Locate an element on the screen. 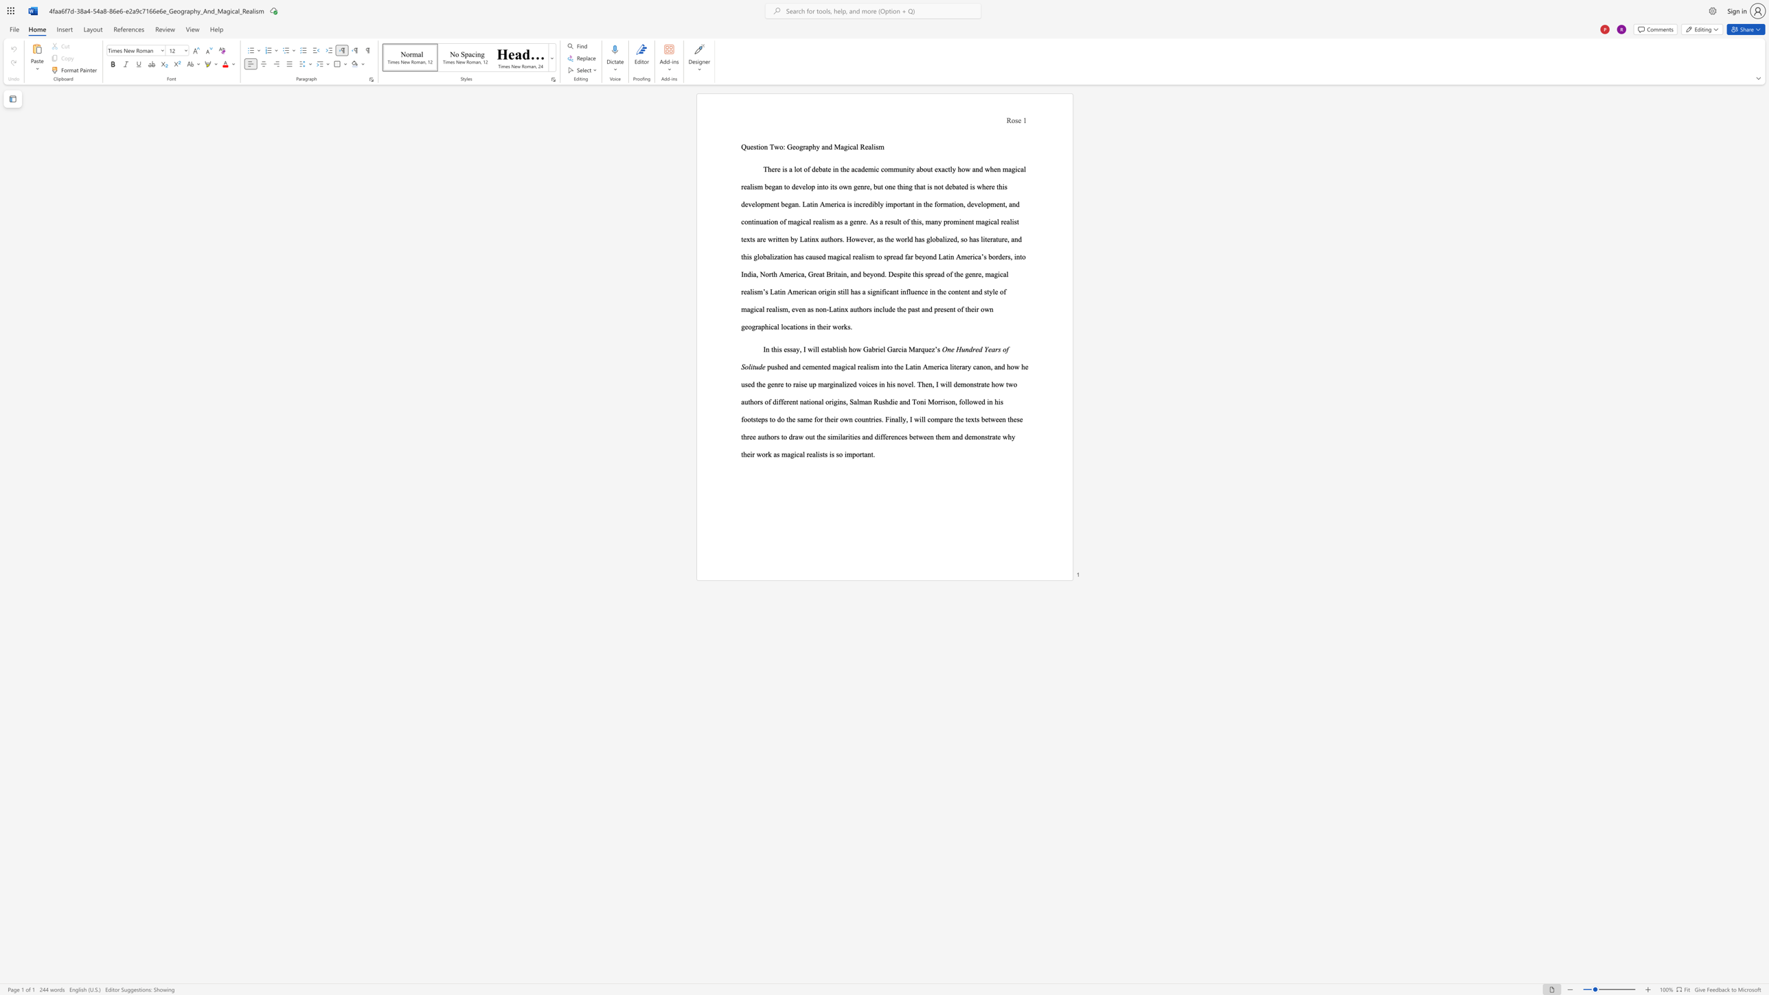  the subset text "arquez’s" within the text "how Gabriel Garcia Marquez’s" is located at coordinates (915, 349).